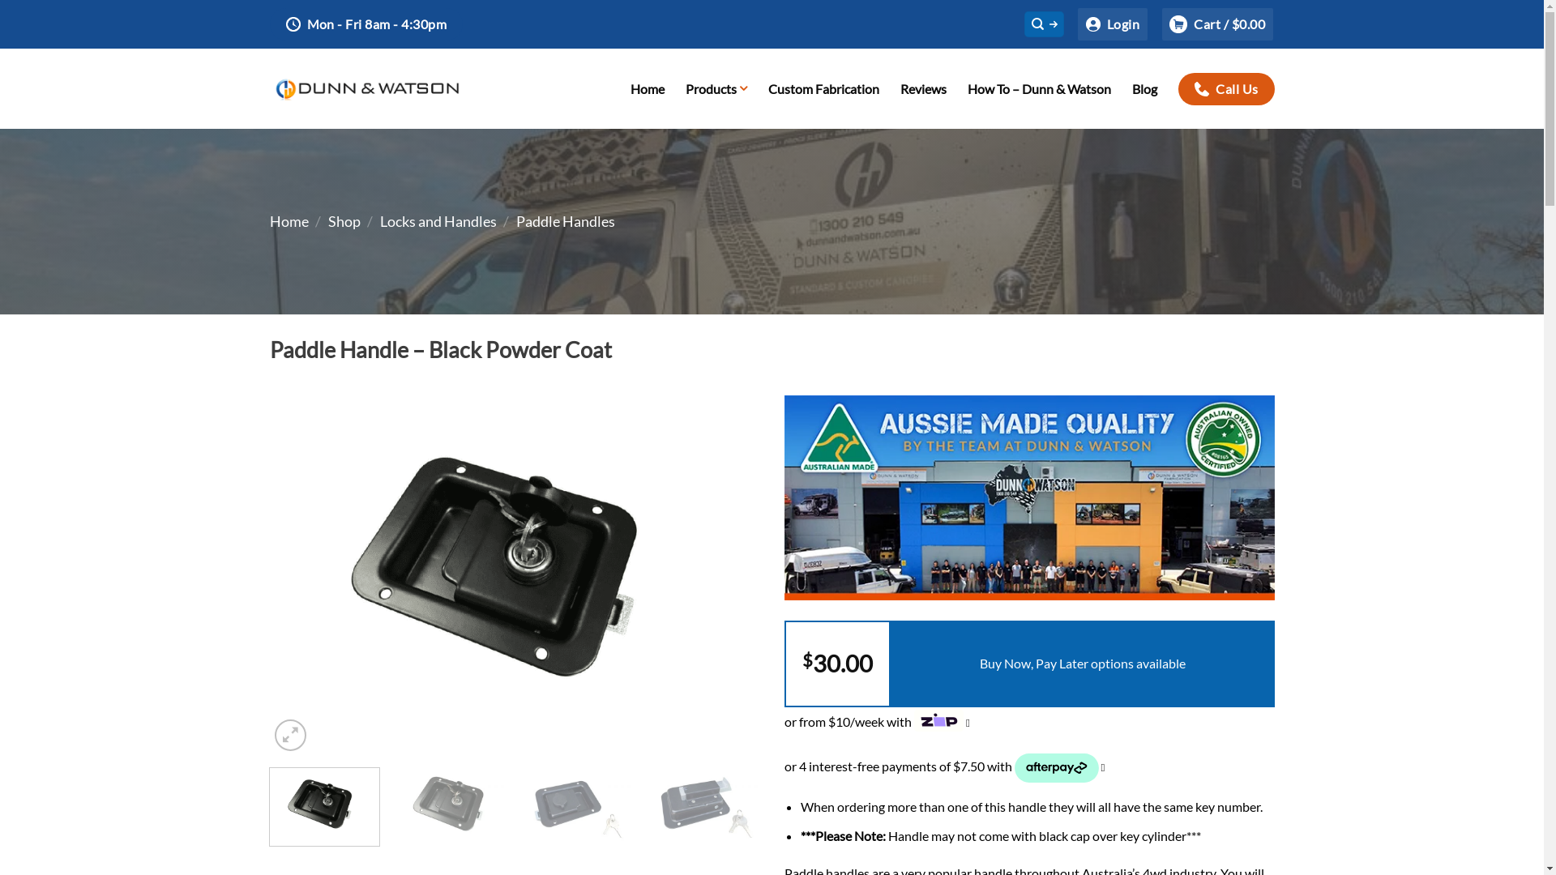 Image resolution: width=1556 pixels, height=875 pixels. I want to click on 'Blog', so click(1143, 89).